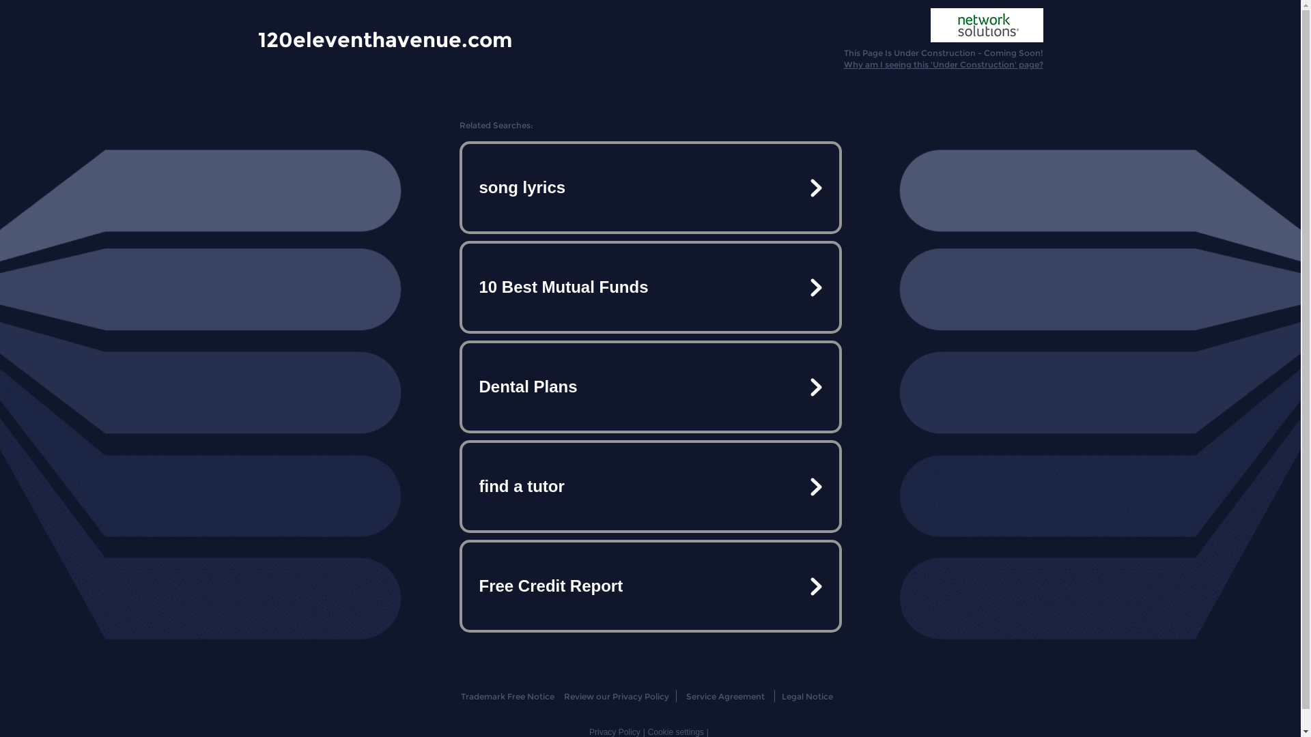  Describe the element at coordinates (807, 696) in the screenshot. I see `'Legal Notice'` at that location.